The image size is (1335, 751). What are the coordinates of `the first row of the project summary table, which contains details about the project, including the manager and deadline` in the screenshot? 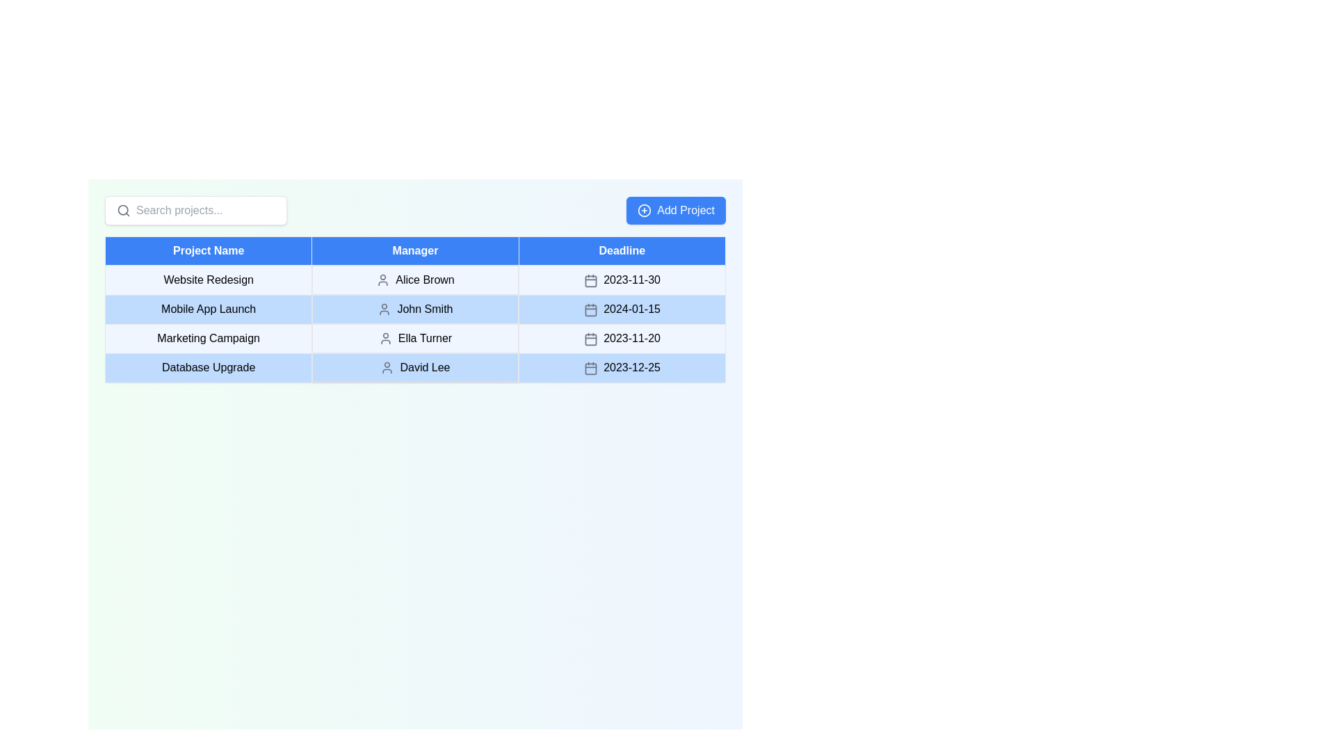 It's located at (414, 280).